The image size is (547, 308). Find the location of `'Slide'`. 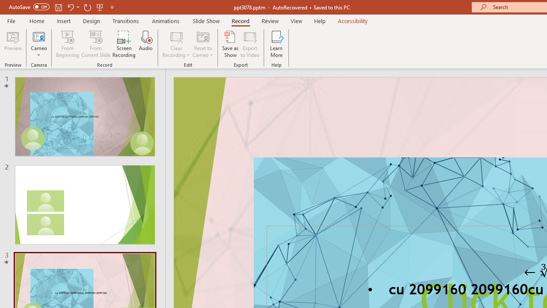

'Slide' is located at coordinates (85, 205).